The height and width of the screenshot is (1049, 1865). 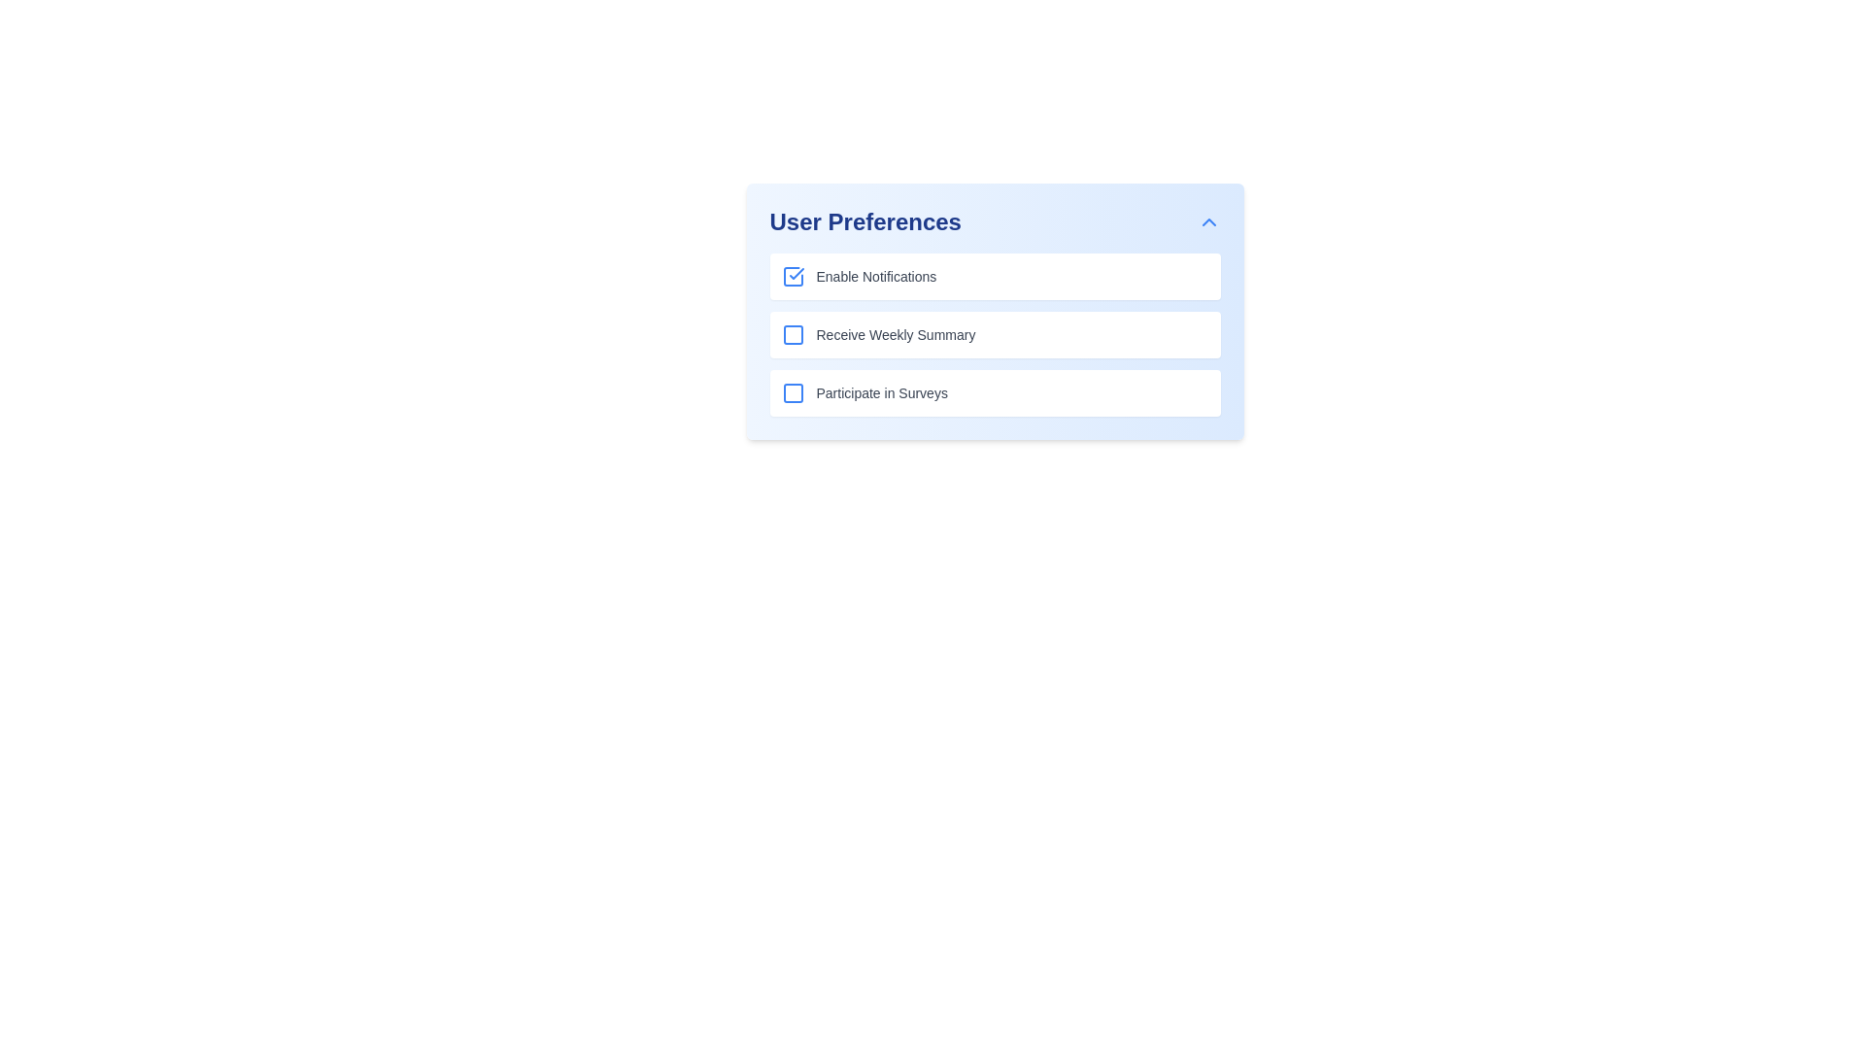 I want to click on the checkbox labeled 'Receive Weekly Summary', so click(x=995, y=333).